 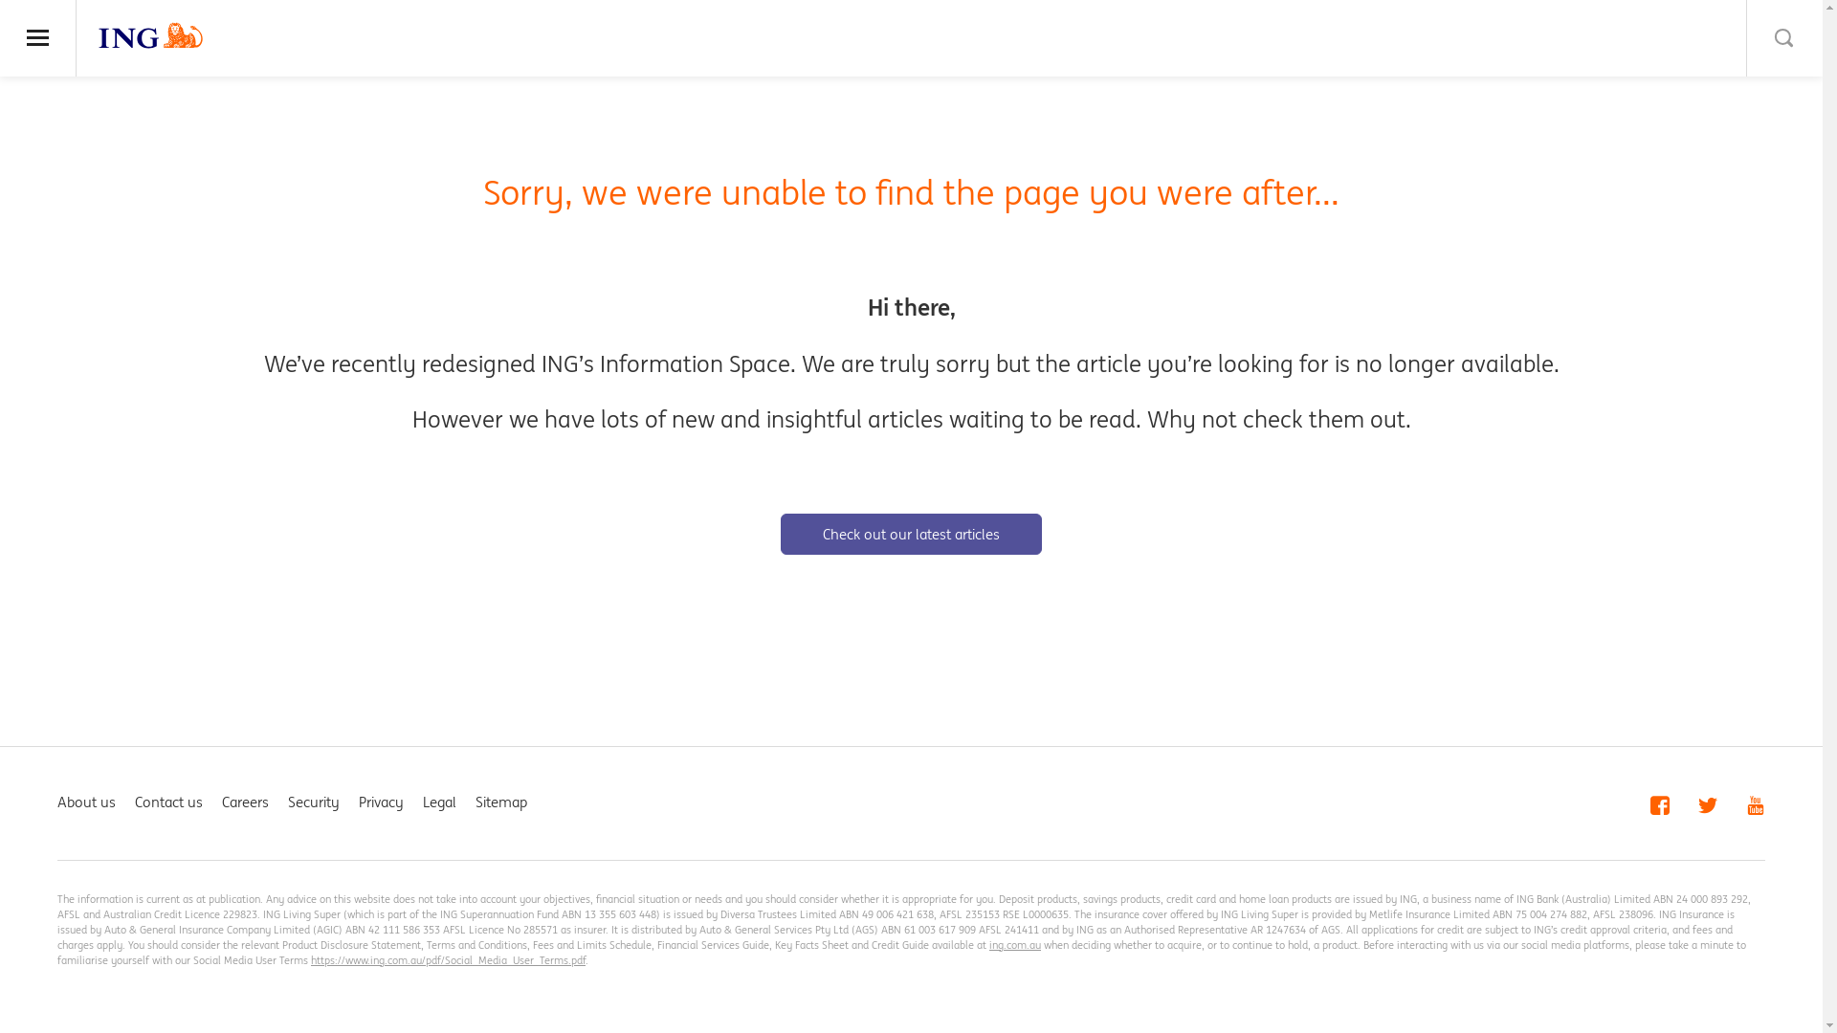 What do you see at coordinates (438, 802) in the screenshot?
I see `'Legal'` at bounding box center [438, 802].